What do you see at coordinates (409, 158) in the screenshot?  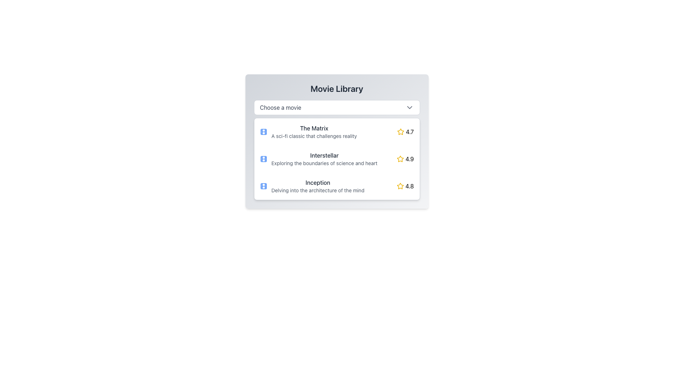 I see `the numerical text label '4.9' that indicates the rating for 'Interstellar', which is styled in a clear, sans-serif font and located next to a yellow star icon` at bounding box center [409, 158].